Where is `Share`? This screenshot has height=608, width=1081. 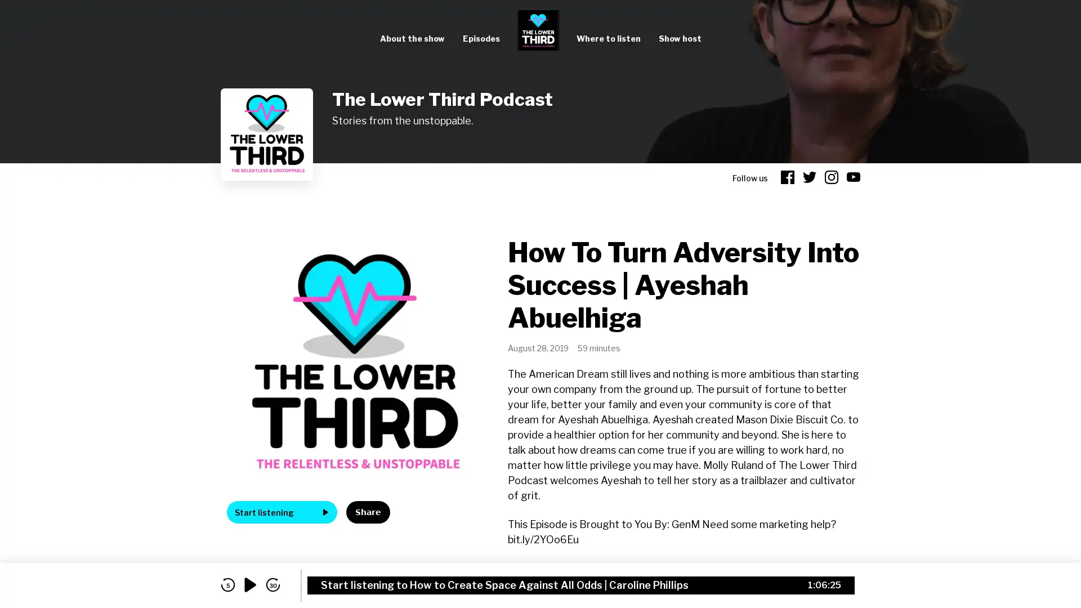 Share is located at coordinates (368, 512).